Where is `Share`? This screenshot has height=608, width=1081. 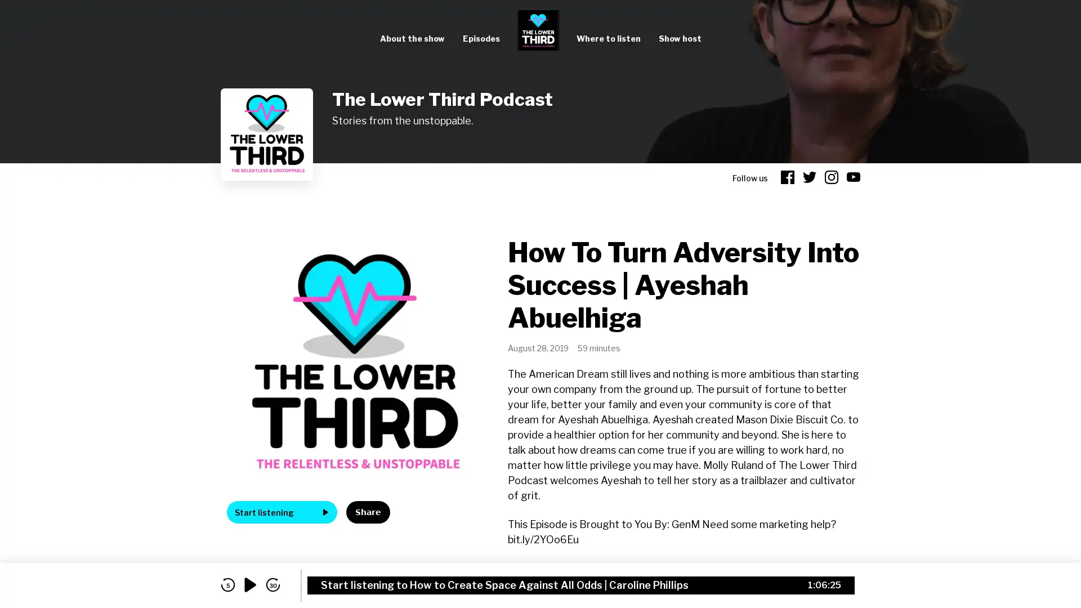 Share is located at coordinates (368, 512).